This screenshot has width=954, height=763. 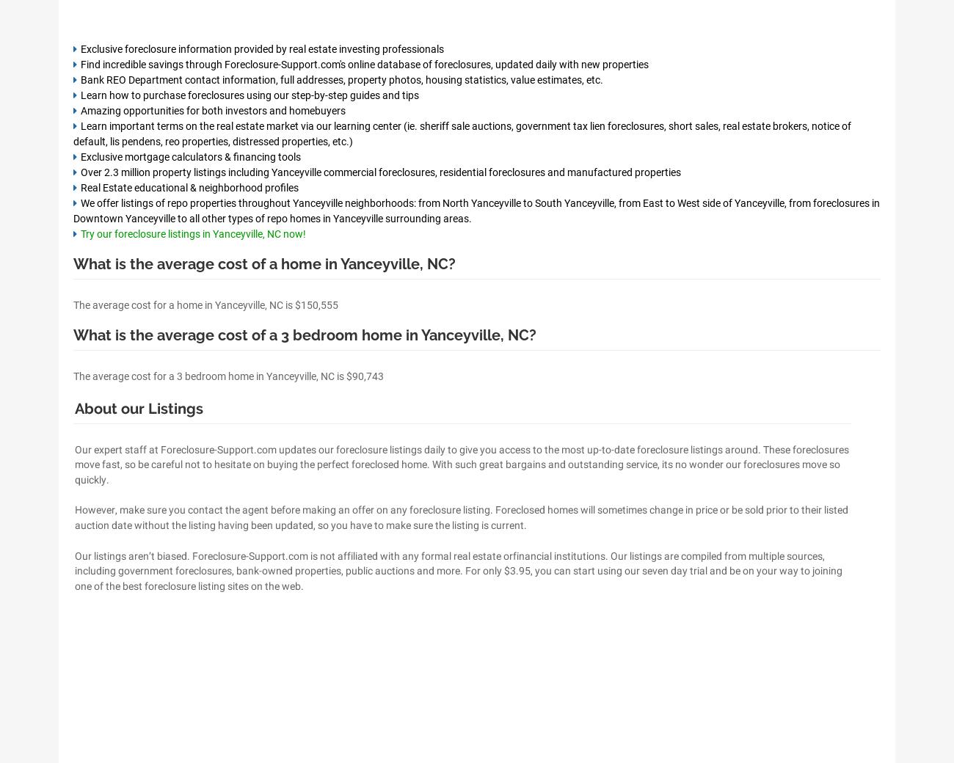 What do you see at coordinates (189, 187) in the screenshot?
I see `'Real Estate educational & neighborhood profiles'` at bounding box center [189, 187].